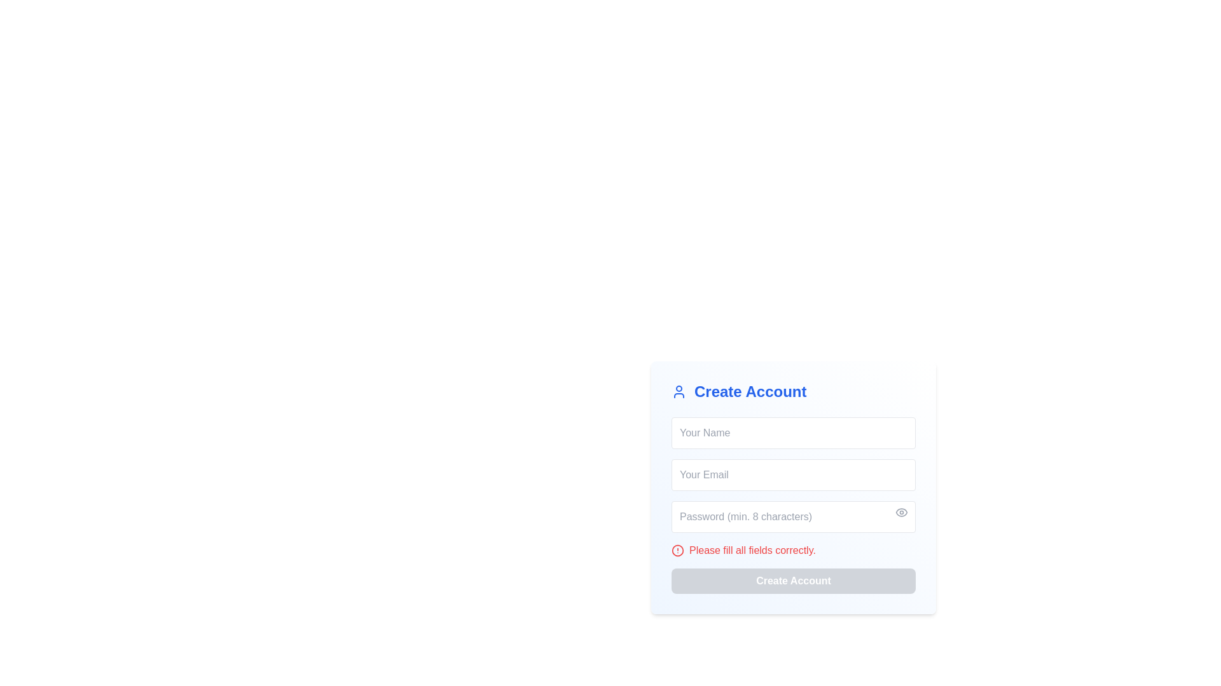 The height and width of the screenshot is (686, 1221). What do you see at coordinates (793, 581) in the screenshot?
I see `the submit button for account creation, which is currently disabled and located at the bottom of the form layout, beneath the error message 'Please fill all fields correctly.'` at bounding box center [793, 581].